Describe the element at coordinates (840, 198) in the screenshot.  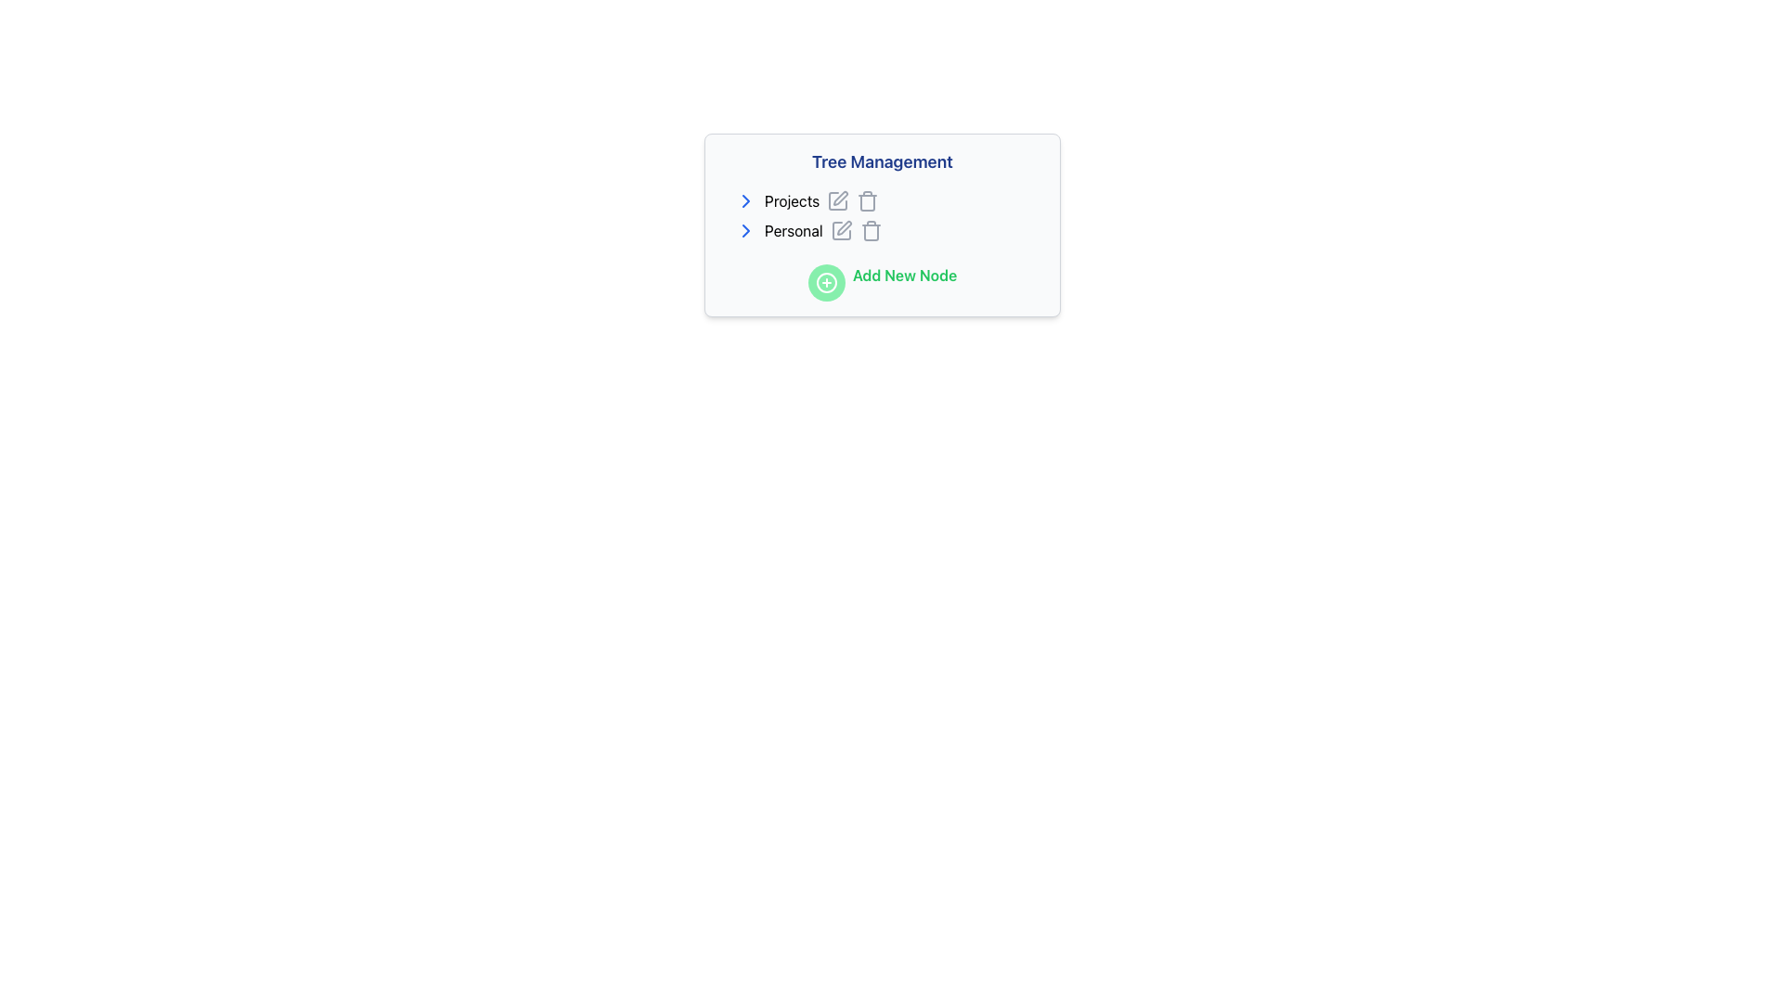
I see `the pen icon representing the edit action next to the 'Projects' label in the 'Tree Management' section to observe styling changes` at that location.